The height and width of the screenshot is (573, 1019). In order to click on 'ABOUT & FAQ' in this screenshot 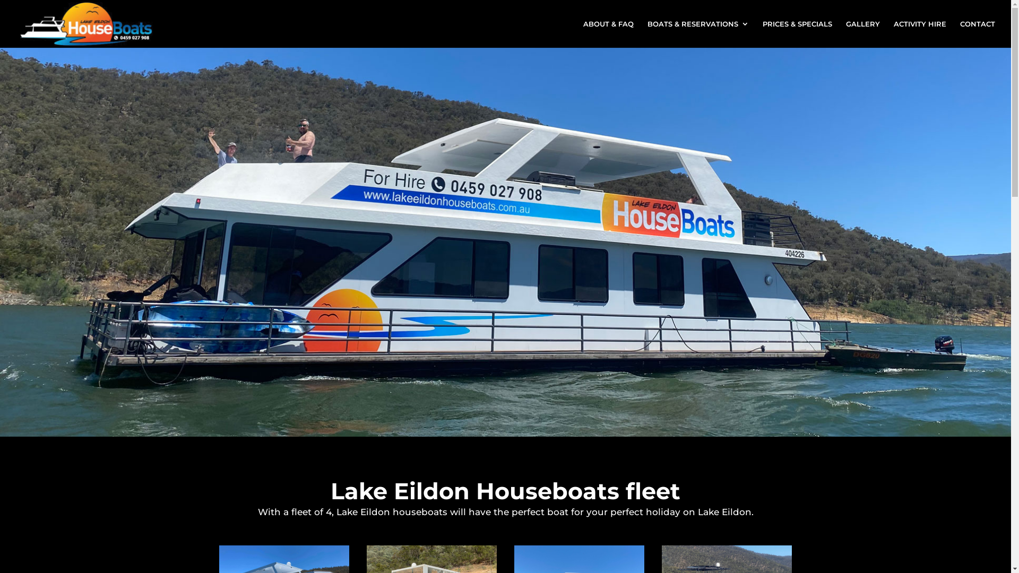, I will do `click(608, 33)`.